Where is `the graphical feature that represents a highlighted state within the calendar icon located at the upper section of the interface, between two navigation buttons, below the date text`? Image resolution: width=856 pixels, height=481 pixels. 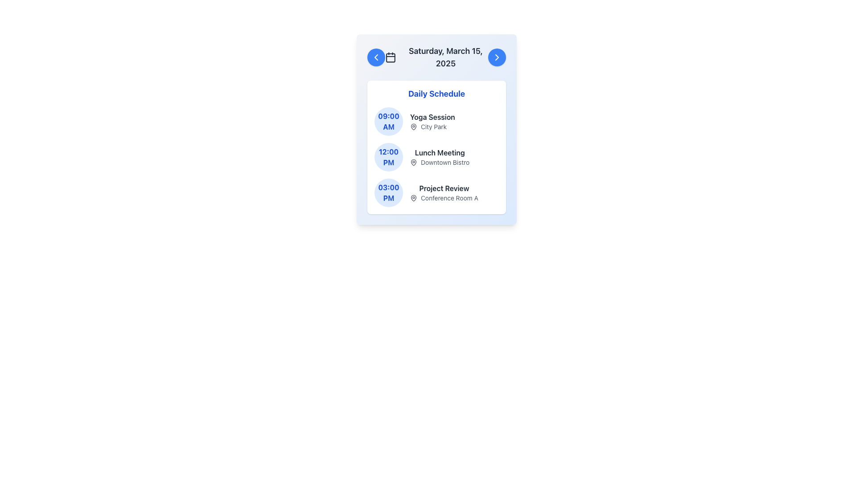 the graphical feature that represents a highlighted state within the calendar icon located at the upper section of the interface, between two navigation buttons, below the date text is located at coordinates (391, 58).